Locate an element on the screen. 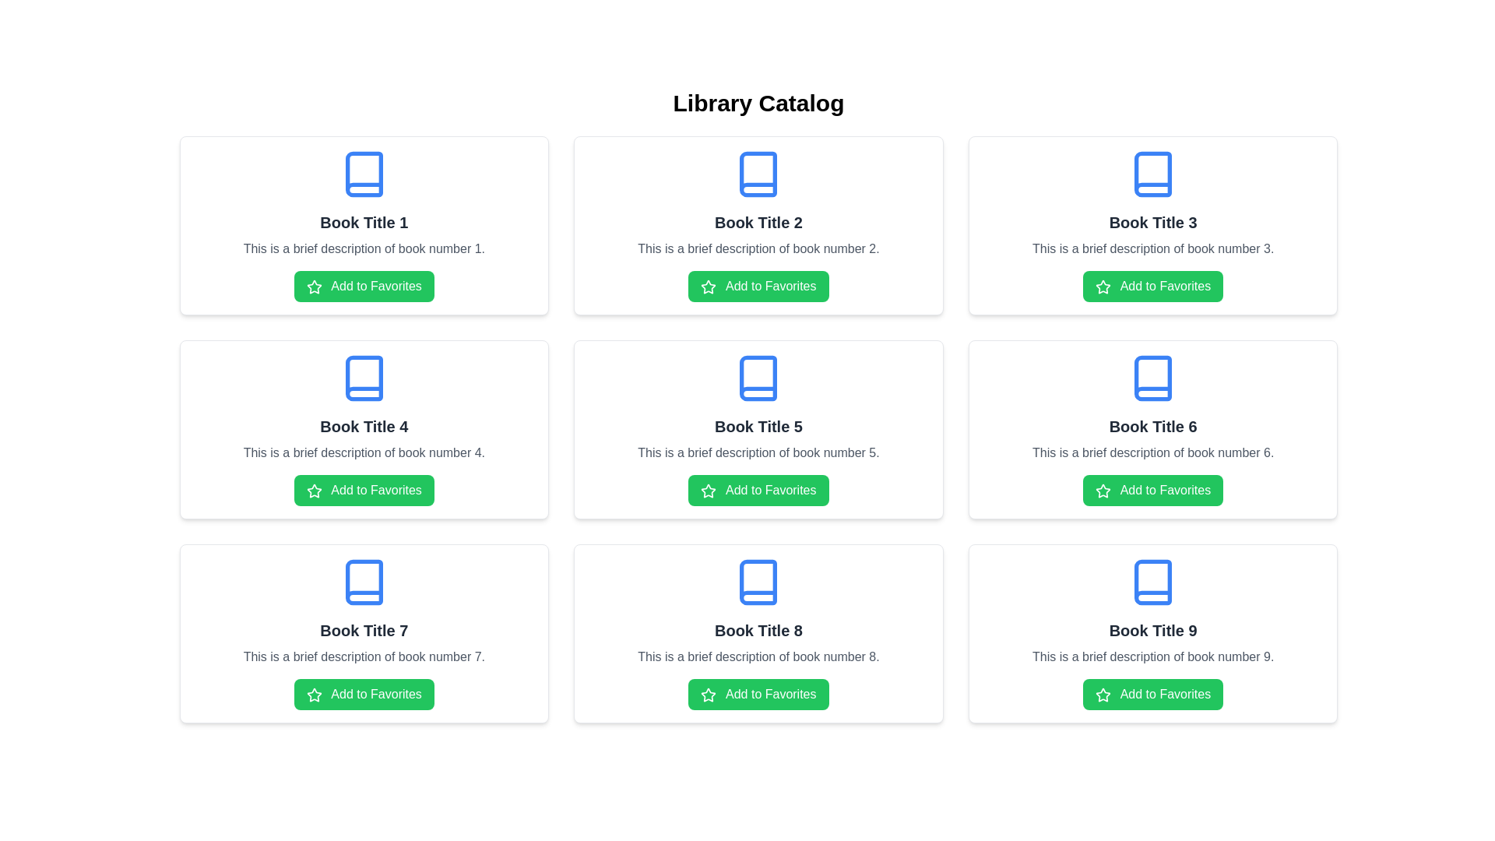  the book icon located in the second card of the grid, above the text 'Book Title 2' is located at coordinates (758, 174).